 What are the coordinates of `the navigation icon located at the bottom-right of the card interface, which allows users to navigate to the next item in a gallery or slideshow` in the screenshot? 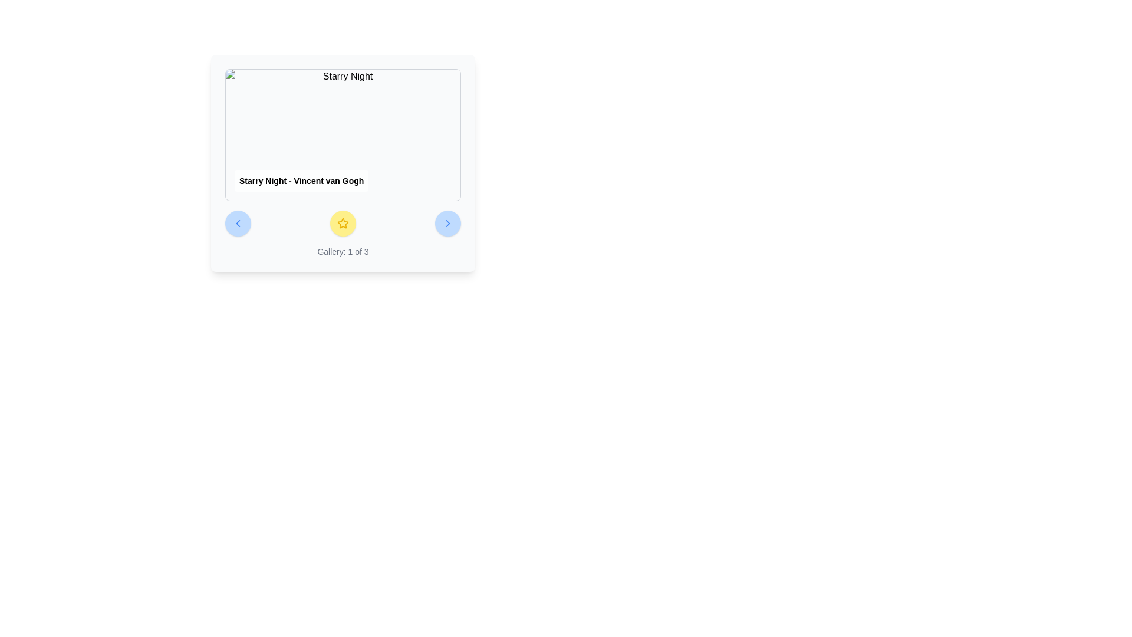 It's located at (447, 223).